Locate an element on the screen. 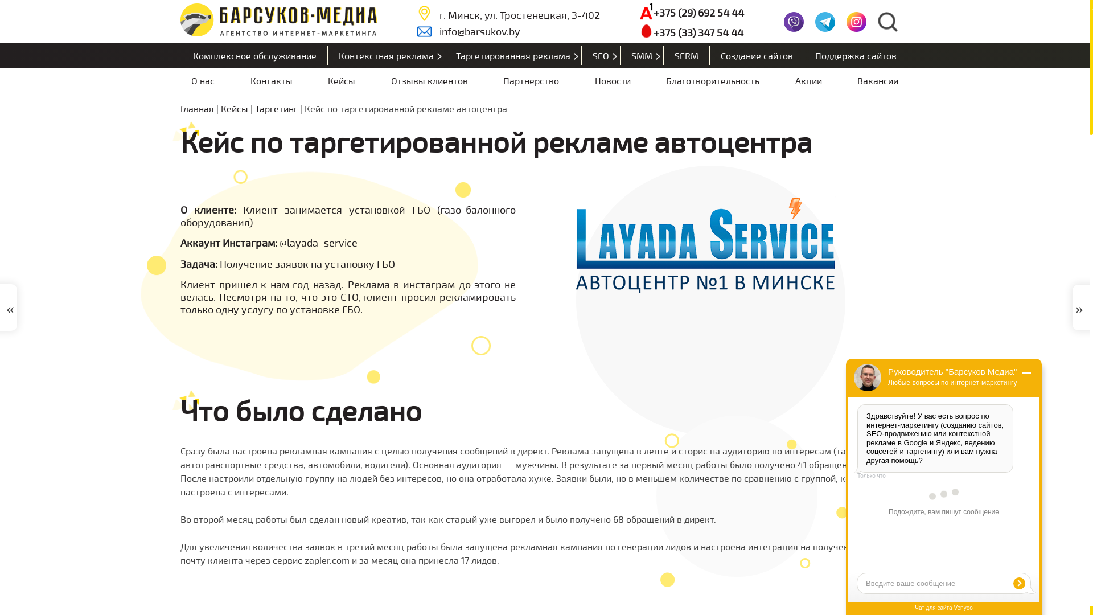 This screenshot has width=1093, height=615. '+375 (29) 692 54 44' is located at coordinates (639, 13).